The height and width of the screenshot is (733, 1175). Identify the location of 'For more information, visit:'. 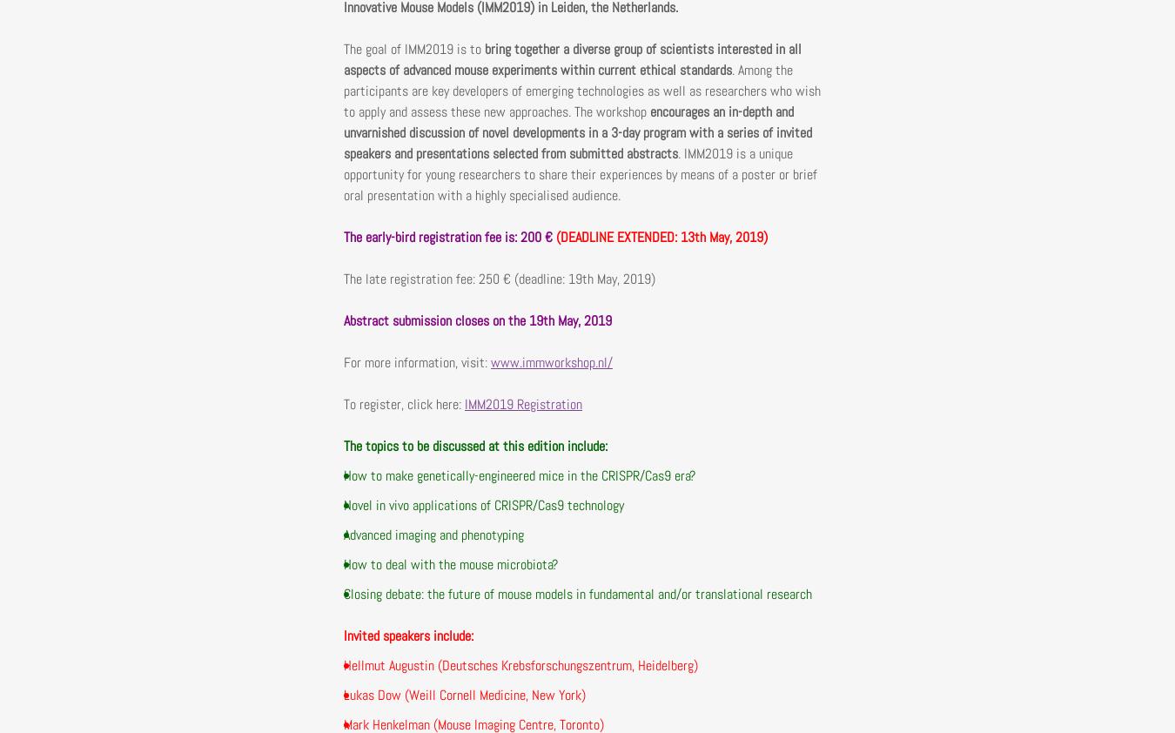
(416, 361).